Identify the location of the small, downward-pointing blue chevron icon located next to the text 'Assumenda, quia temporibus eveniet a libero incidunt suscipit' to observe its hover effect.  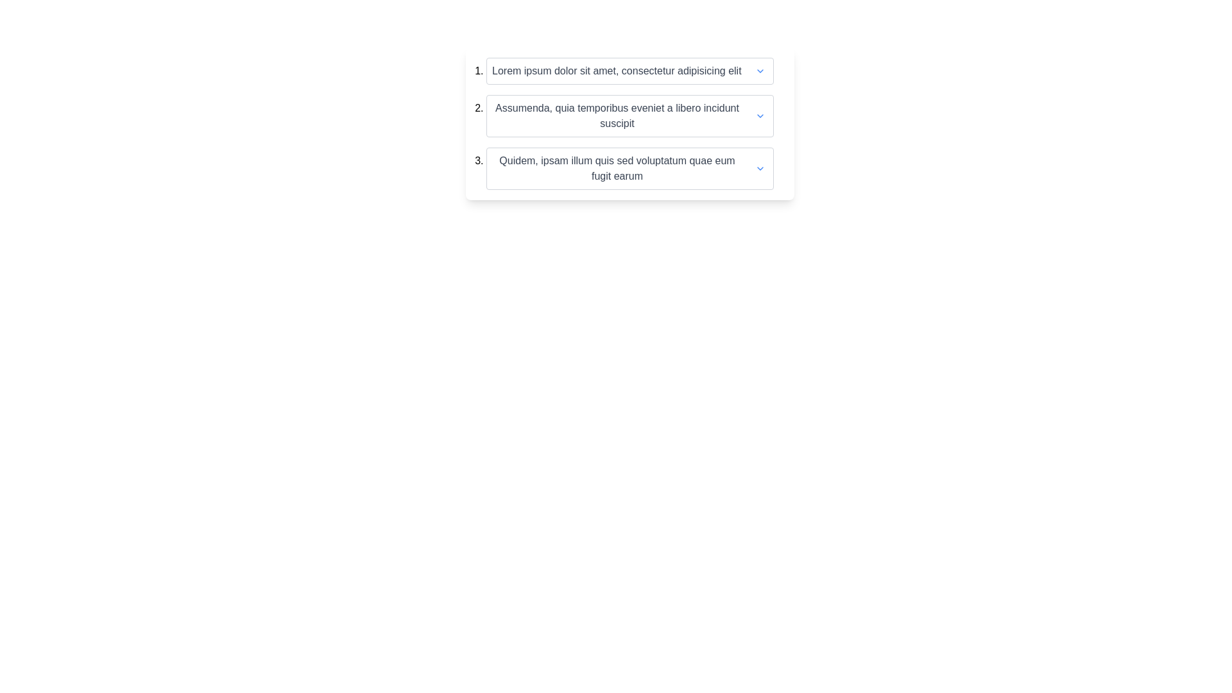
(760, 116).